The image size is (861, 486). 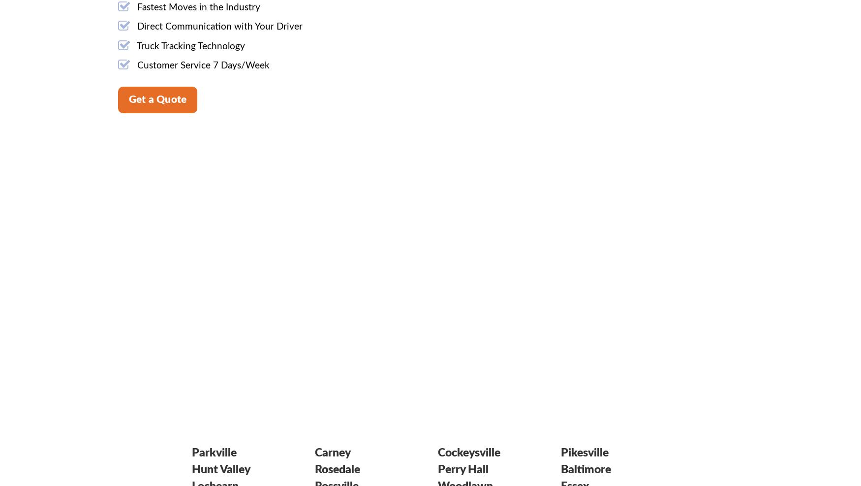 I want to click on 'Fastest Moves in the Industry', so click(x=134, y=7).